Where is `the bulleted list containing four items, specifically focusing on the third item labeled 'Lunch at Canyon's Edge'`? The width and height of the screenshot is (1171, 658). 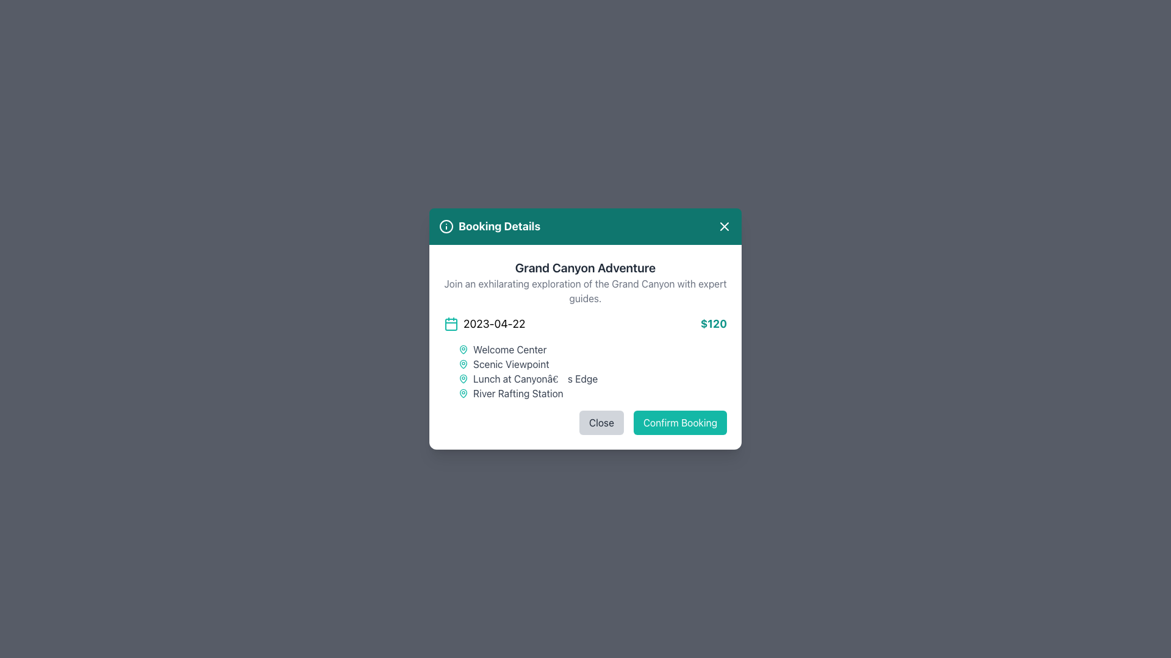 the bulleted list containing four items, specifically focusing on the third item labeled 'Lunch at Canyon's Edge' is located at coordinates (585, 370).